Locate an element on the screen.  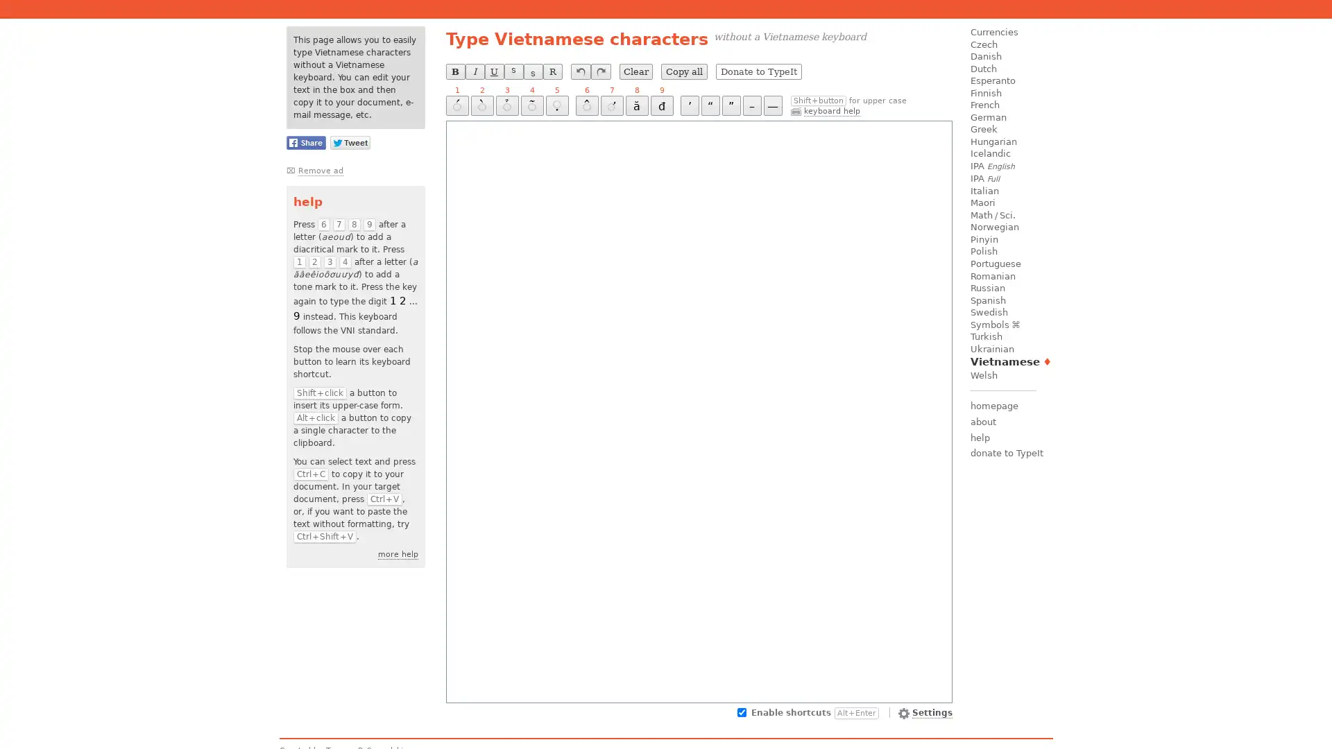
9 is located at coordinates (660, 105).